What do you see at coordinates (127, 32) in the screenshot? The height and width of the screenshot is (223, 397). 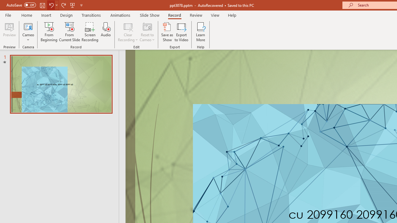 I see `'Clear Recording'` at bounding box center [127, 32].